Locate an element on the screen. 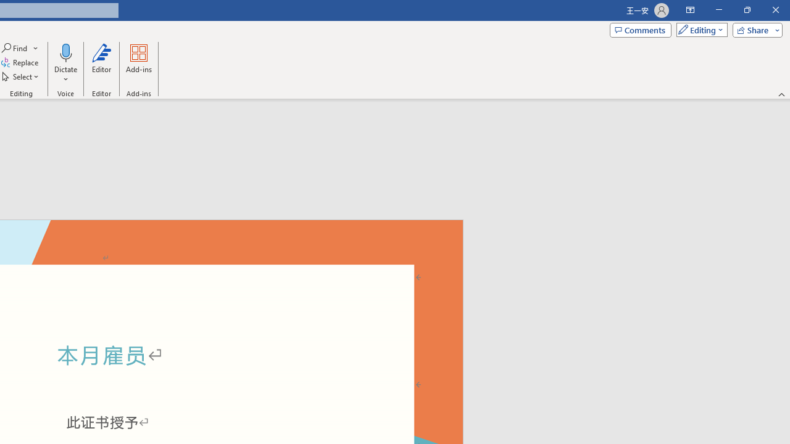  'Collapse the Ribbon' is located at coordinates (781, 94).